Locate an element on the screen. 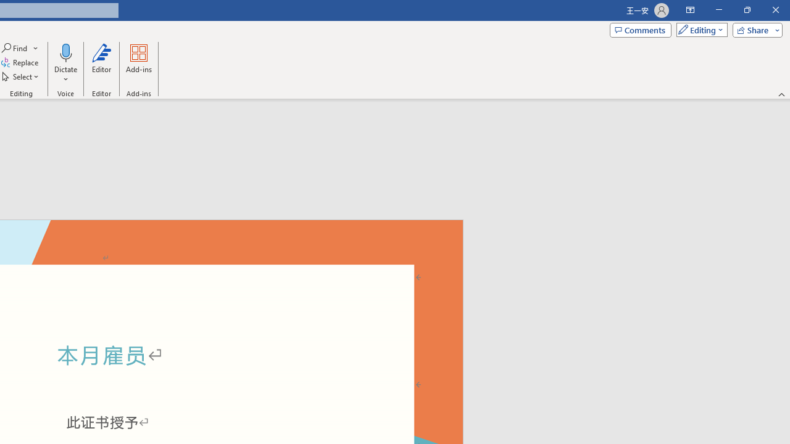  'Collapse the Ribbon' is located at coordinates (781, 94).